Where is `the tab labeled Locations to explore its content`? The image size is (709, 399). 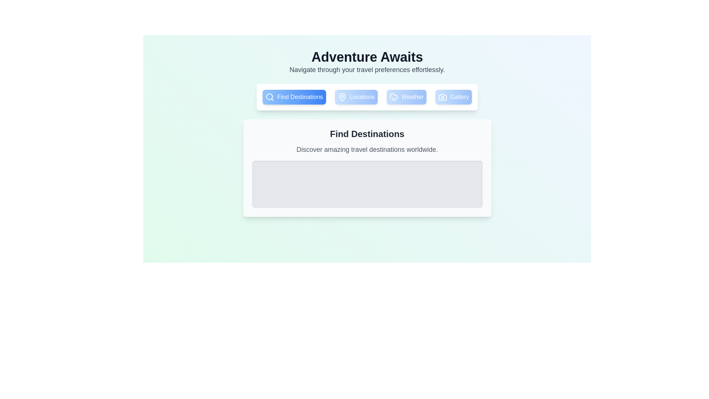 the tab labeled Locations to explore its content is located at coordinates (356, 96).